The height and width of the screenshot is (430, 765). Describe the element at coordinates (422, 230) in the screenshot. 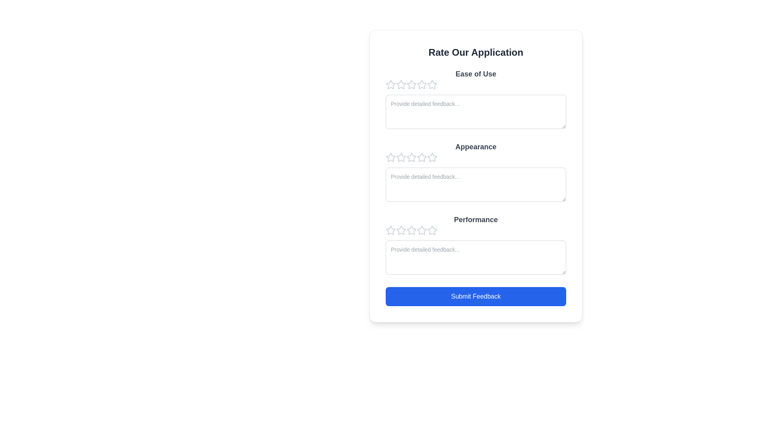

I see `the third star icon from the left in the row of five stars to set the rating to 3 in the Performance section of the user feedback form` at that location.